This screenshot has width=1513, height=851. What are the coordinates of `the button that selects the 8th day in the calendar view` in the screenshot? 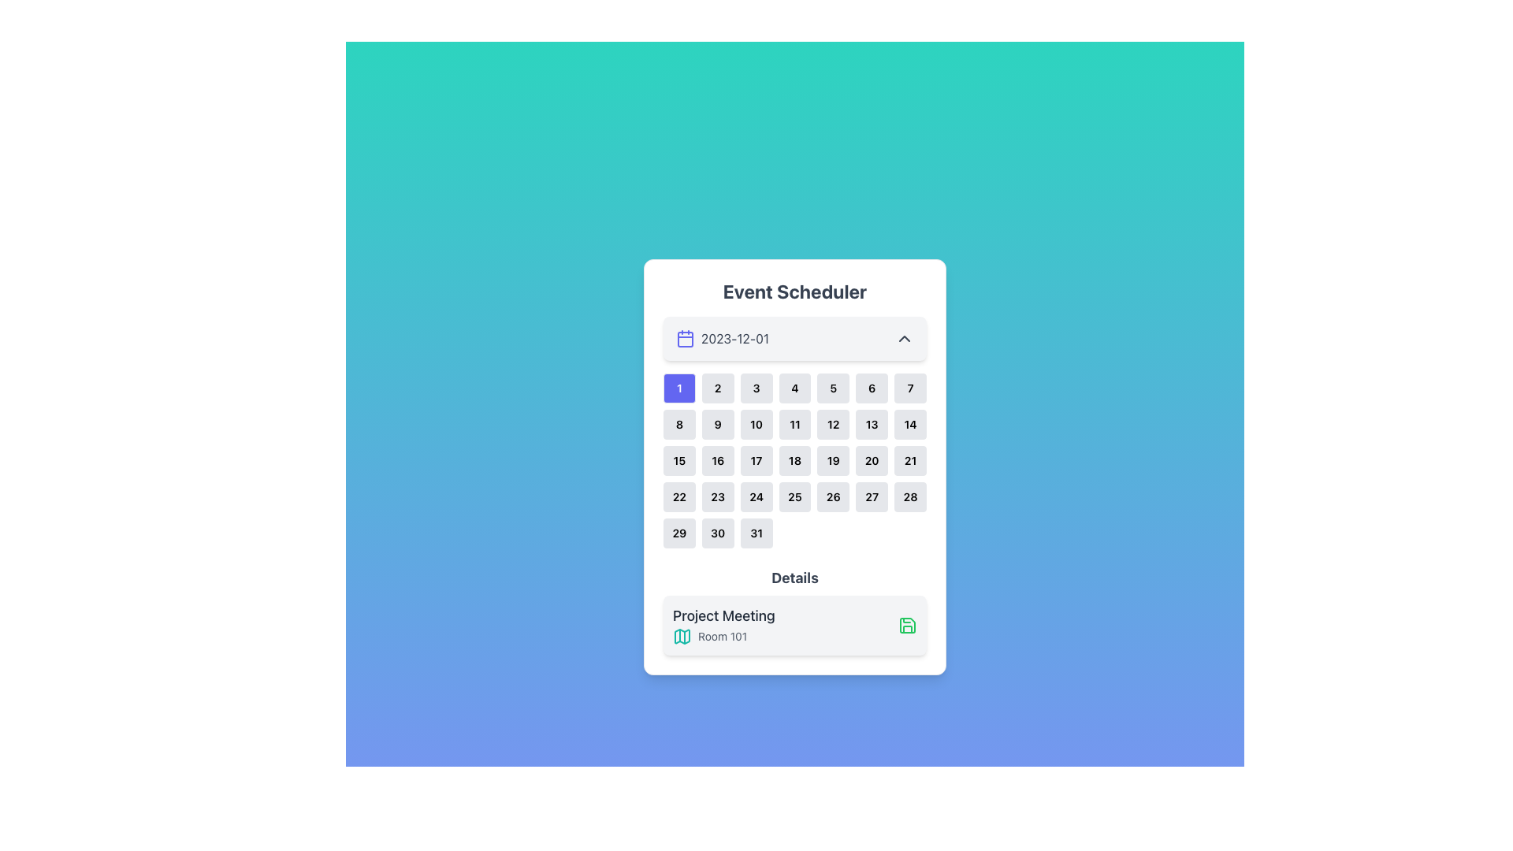 It's located at (679, 424).